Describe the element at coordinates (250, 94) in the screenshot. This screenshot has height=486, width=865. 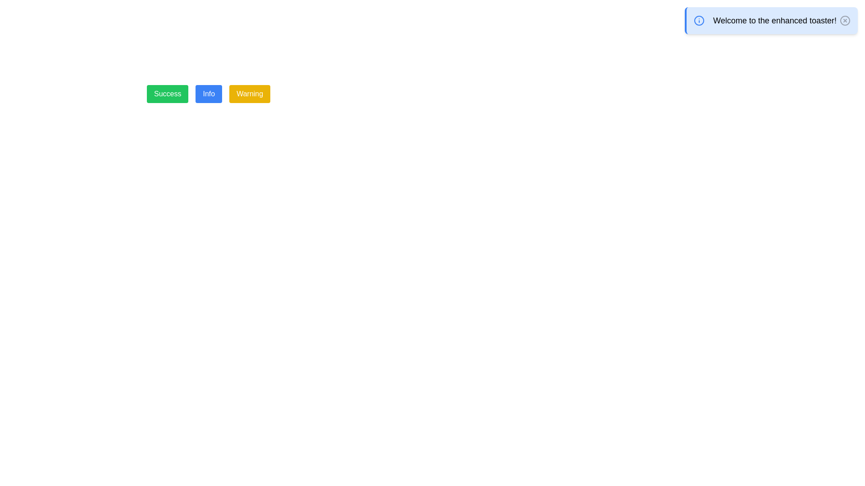
I see `the 'Warning' button, which is the third button in a group of three buttons labeled 'Success', 'Info', and 'Warning'` at that location.